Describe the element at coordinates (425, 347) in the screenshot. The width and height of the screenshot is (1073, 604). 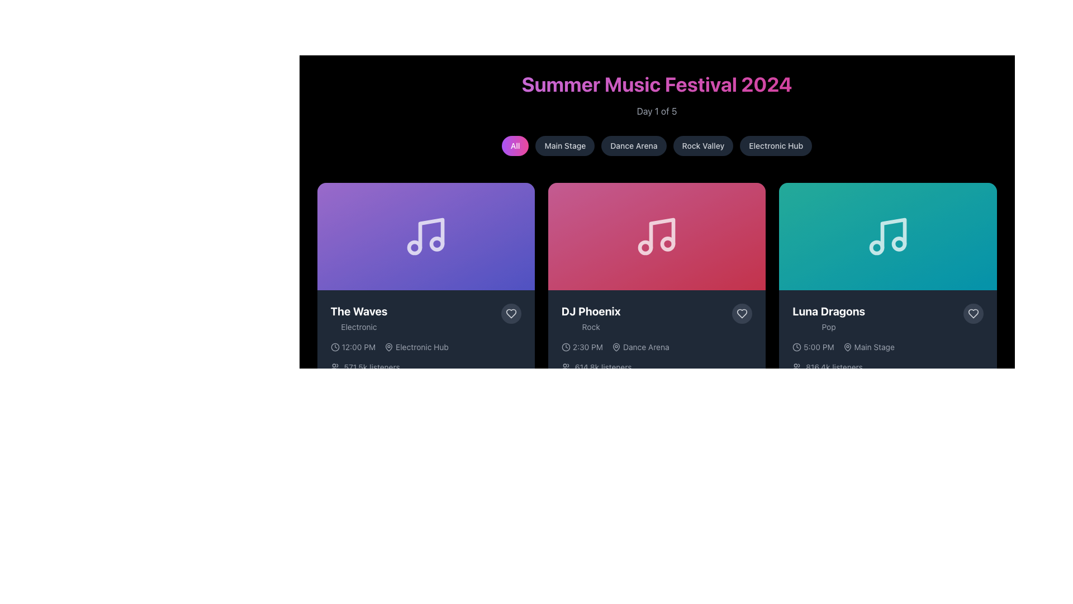
I see `the informational element that displays the event time '12:00 PM' and location 'Electronic Hub' within the card titled 'The Waves.' This element is positioned underneath the title and genre description, and above the information about listeners, being the first card from the left` at that location.